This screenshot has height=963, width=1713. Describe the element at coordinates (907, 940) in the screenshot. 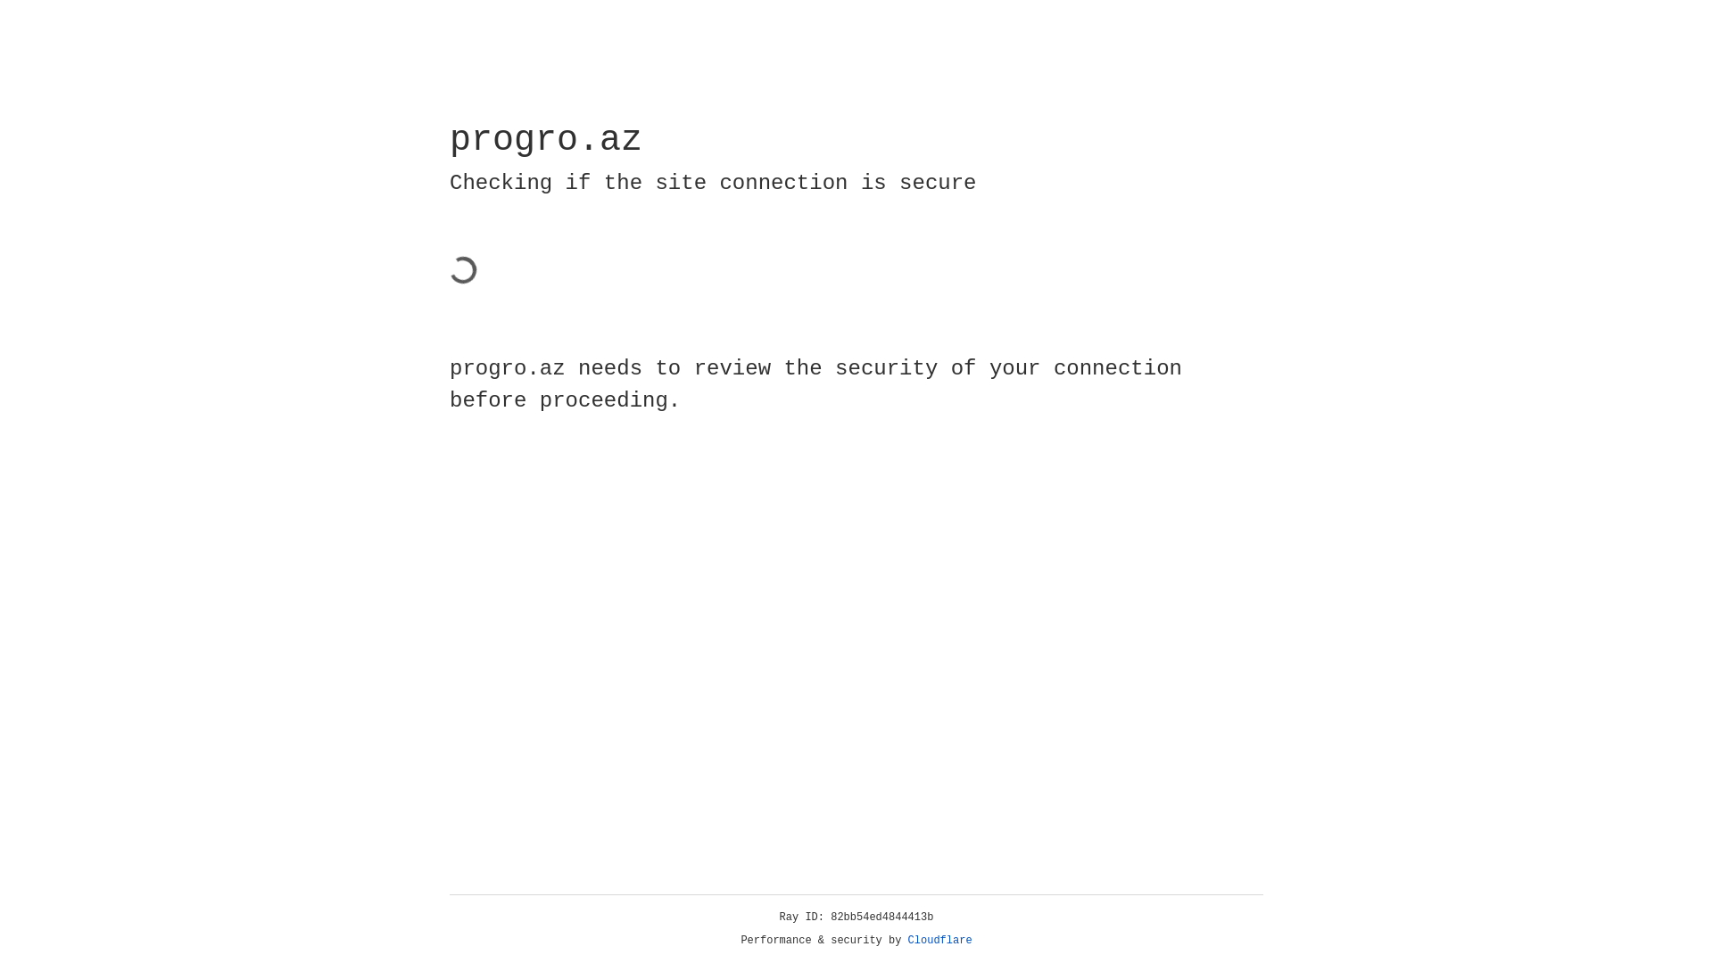

I see `'Cloudflare'` at that location.